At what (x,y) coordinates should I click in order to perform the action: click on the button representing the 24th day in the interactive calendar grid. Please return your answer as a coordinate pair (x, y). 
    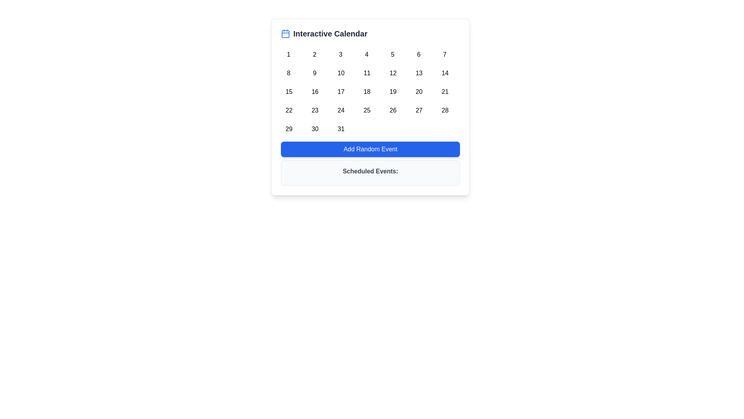
    Looking at the image, I should click on (341, 109).